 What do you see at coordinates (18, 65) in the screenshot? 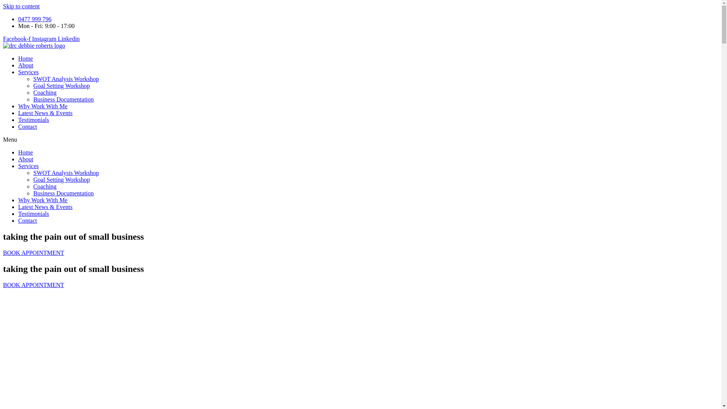
I see `'About'` at bounding box center [18, 65].